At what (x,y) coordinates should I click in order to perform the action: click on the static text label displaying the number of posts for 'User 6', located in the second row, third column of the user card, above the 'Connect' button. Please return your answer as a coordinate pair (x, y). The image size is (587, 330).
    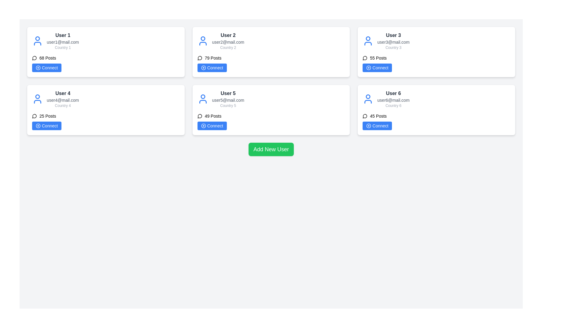
    Looking at the image, I should click on (378, 116).